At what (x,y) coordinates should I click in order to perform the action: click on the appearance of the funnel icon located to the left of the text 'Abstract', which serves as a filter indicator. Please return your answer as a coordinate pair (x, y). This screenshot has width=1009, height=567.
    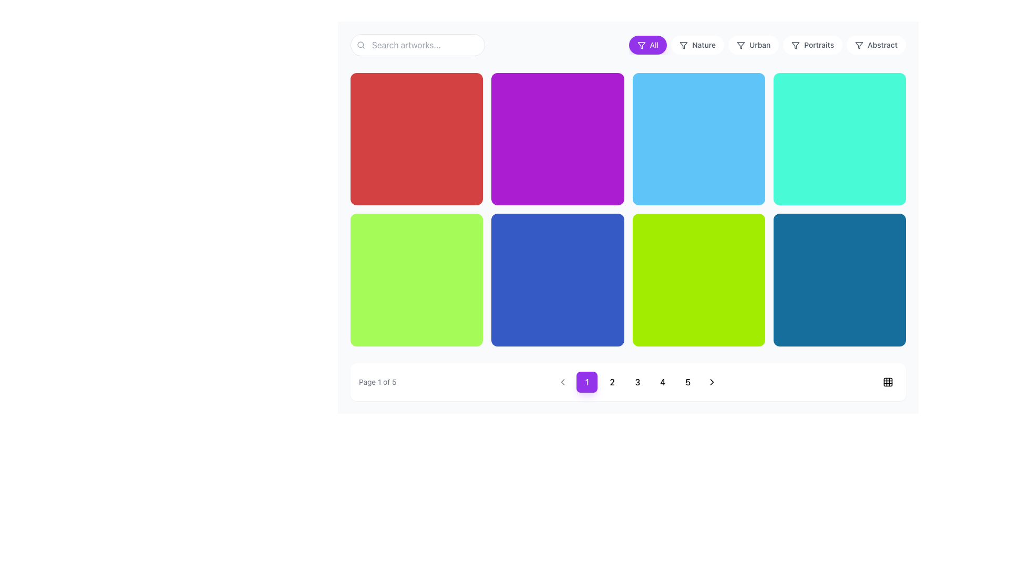
    Looking at the image, I should click on (859, 45).